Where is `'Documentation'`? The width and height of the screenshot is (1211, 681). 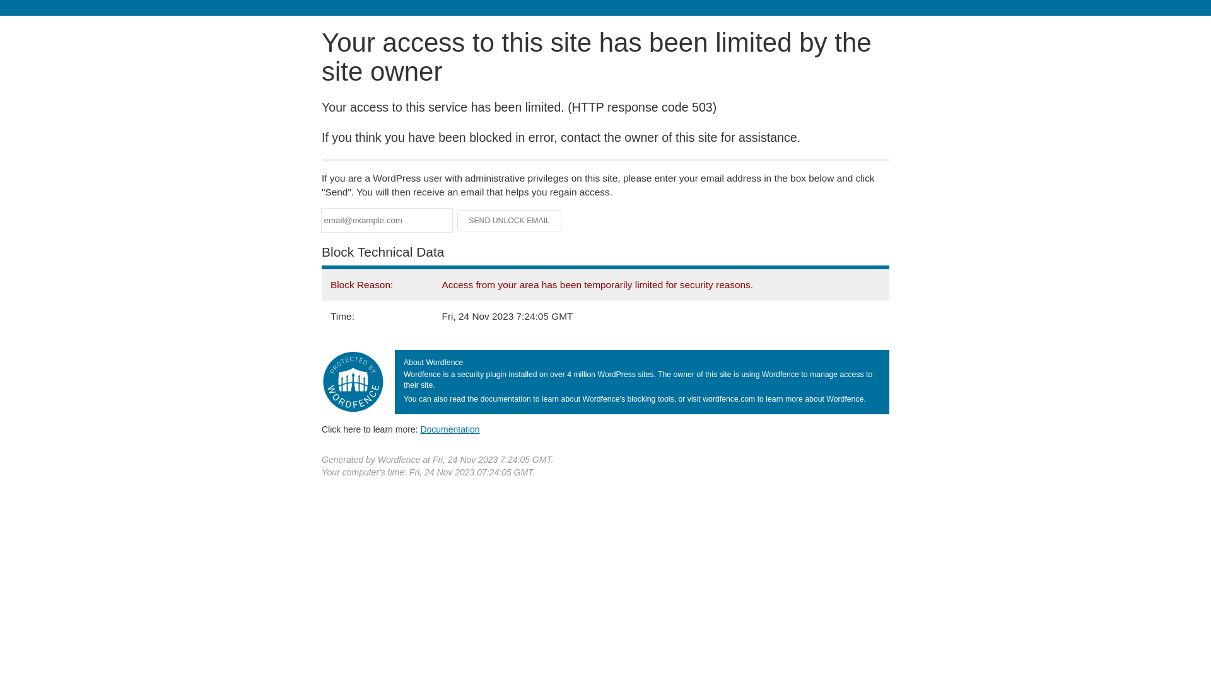
'Documentation' is located at coordinates (450, 429).